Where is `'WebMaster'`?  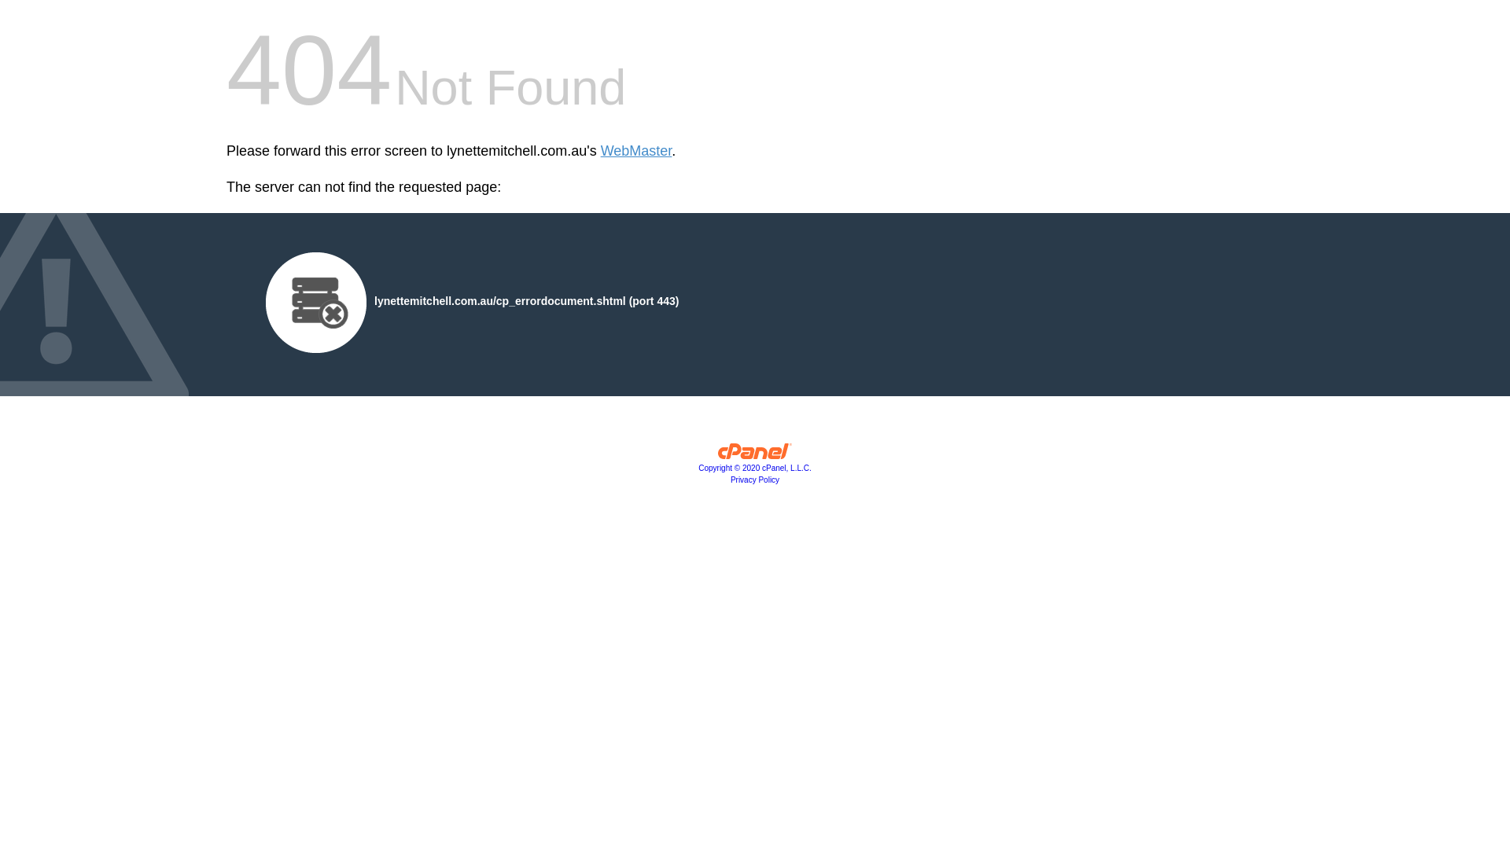 'WebMaster' is located at coordinates (636, 151).